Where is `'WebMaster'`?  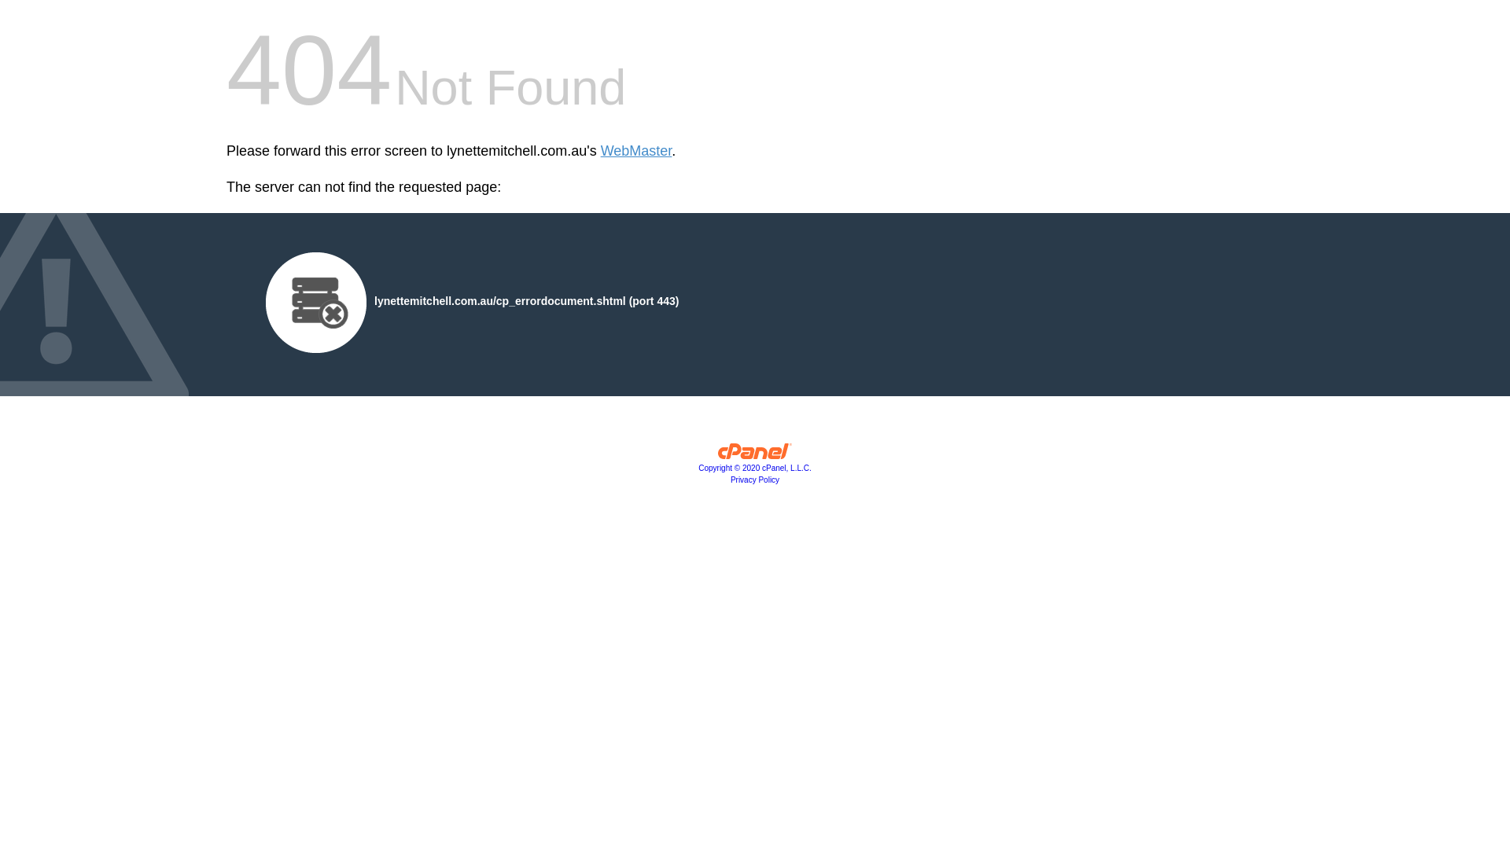 'WebMaster' is located at coordinates (636, 151).